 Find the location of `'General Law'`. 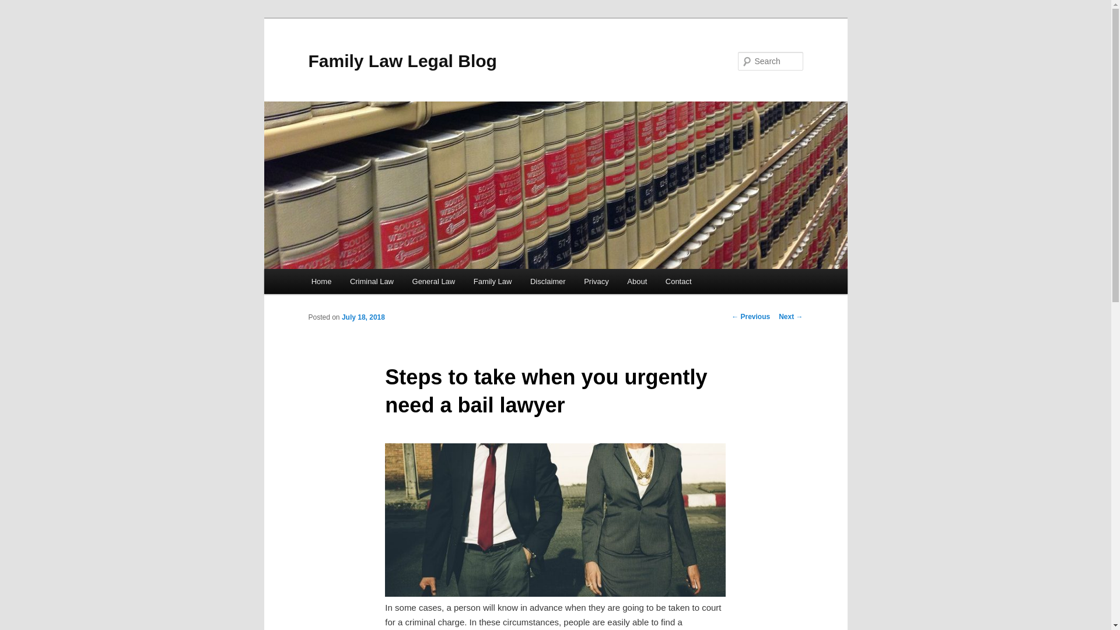

'General Law' is located at coordinates (433, 281).